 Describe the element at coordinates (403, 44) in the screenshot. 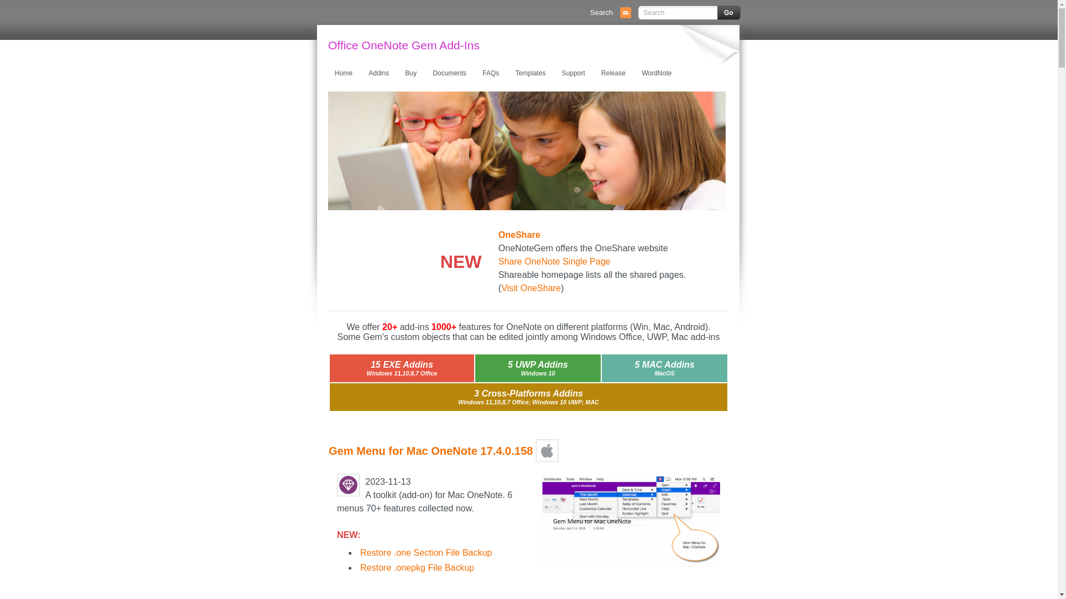

I see `'Office OneNote Gem Add-Ins'` at that location.